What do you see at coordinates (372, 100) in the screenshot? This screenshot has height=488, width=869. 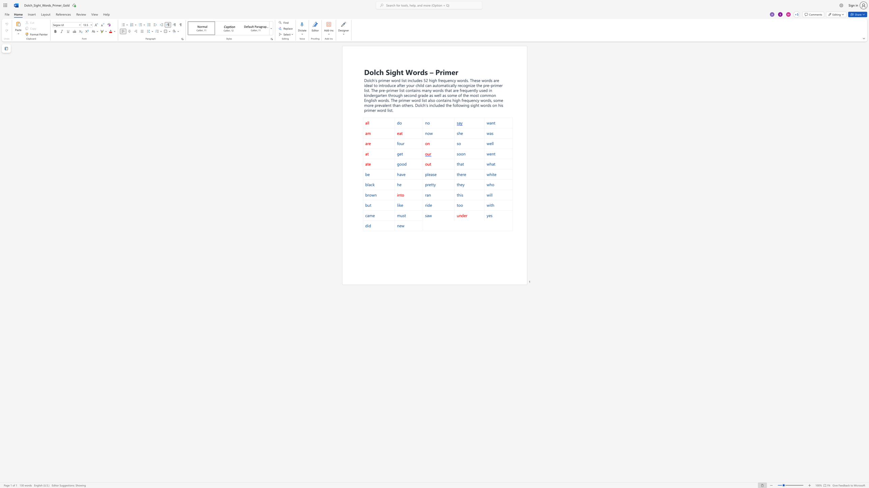 I see `the 3th character "i" in the text` at bounding box center [372, 100].